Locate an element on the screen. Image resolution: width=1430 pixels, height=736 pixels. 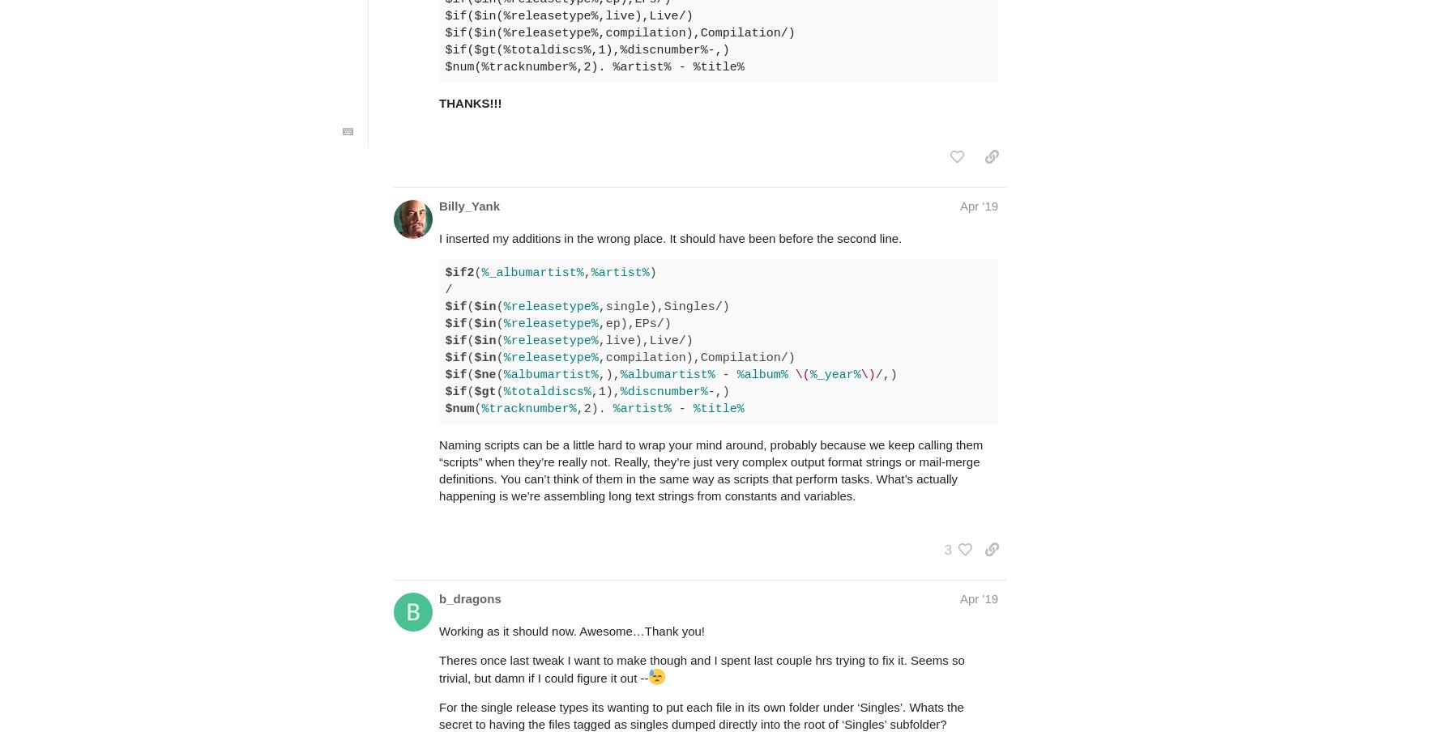
'THANKS!!!' is located at coordinates (469, 102).